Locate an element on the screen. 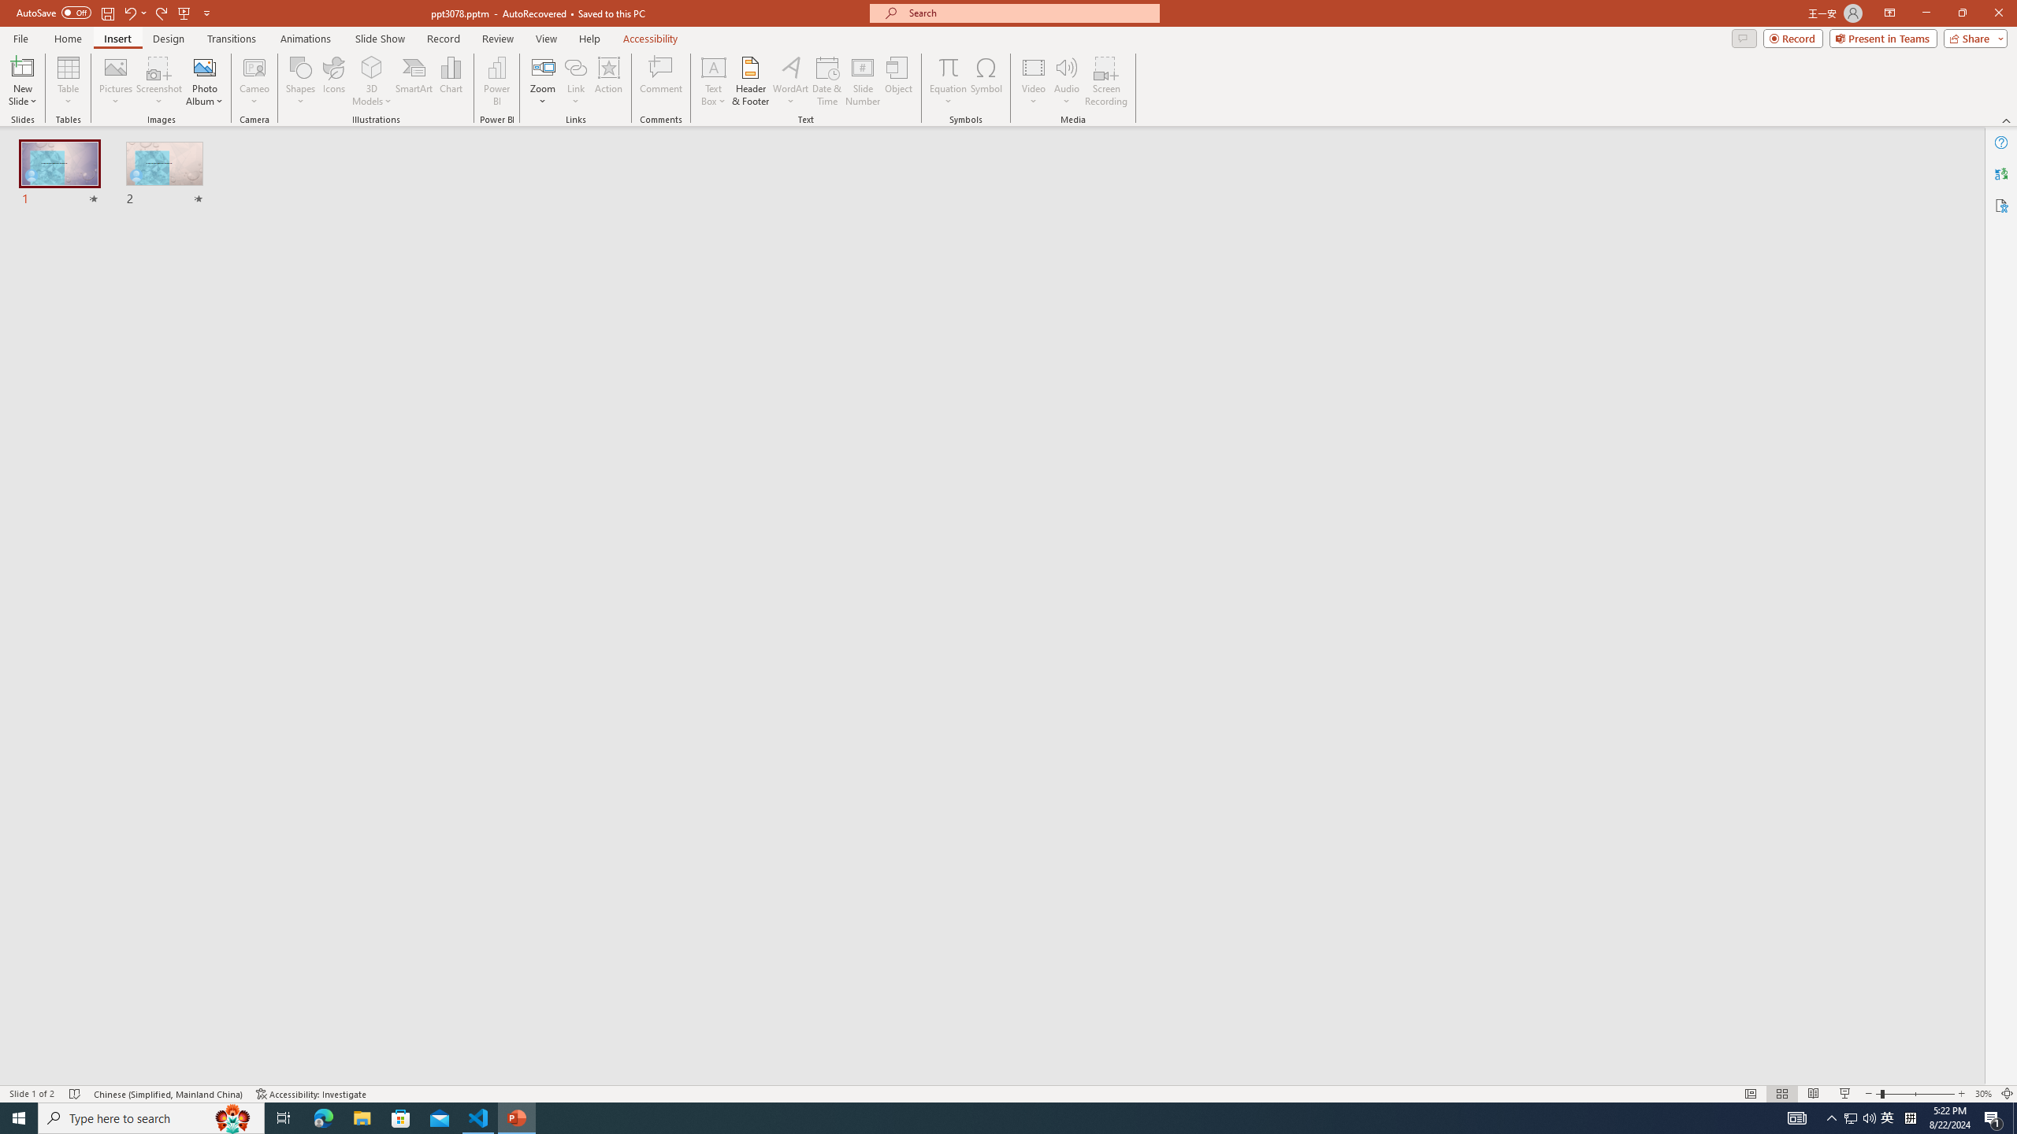 The height and width of the screenshot is (1134, 2017). 'Translator' is located at coordinates (2000, 174).